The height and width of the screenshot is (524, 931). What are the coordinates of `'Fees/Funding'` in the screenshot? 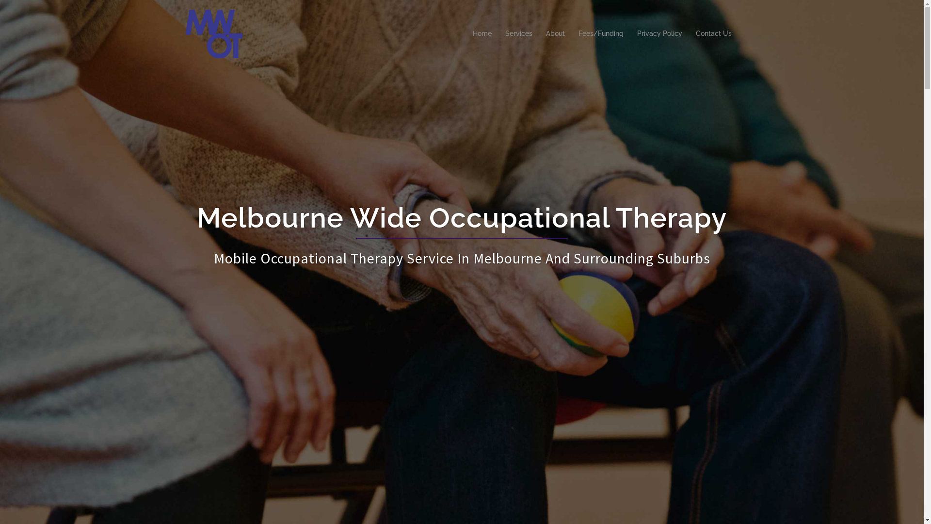 It's located at (600, 33).